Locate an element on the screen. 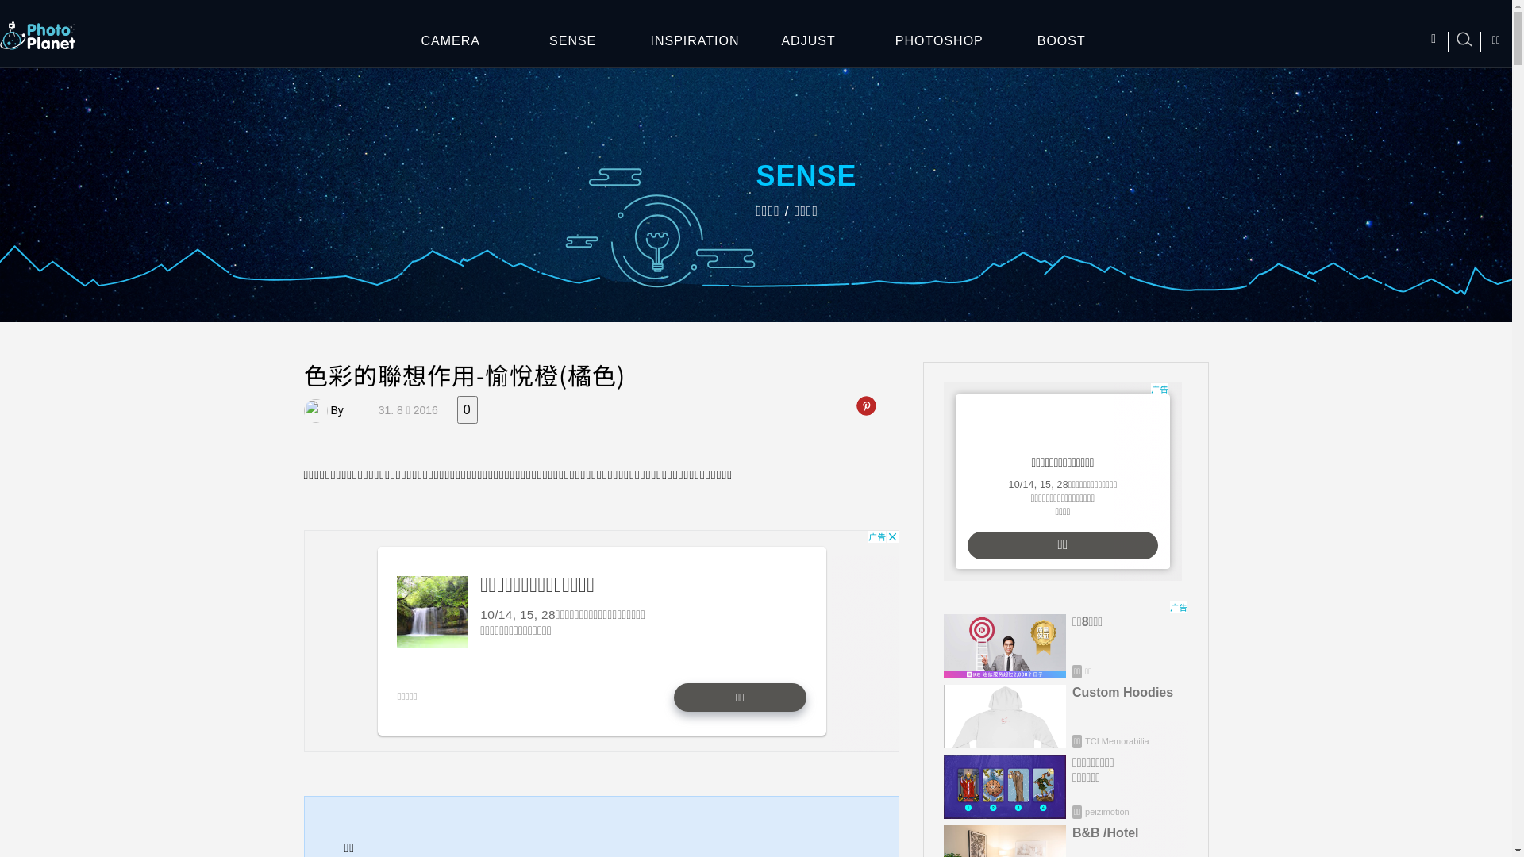 The image size is (1524, 857). 'Advertisement' is located at coordinates (1062, 480).